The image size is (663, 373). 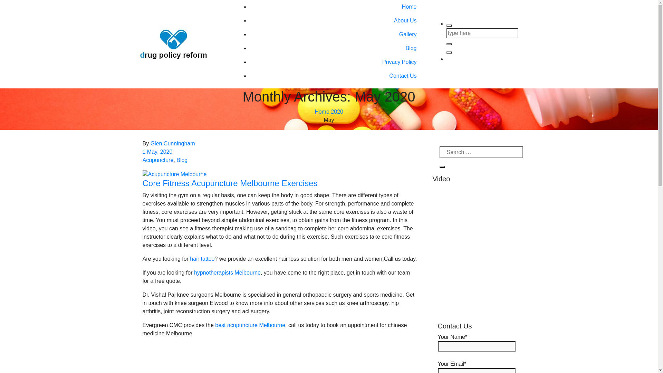 I want to click on 'best acupuncture Melbourne', so click(x=250, y=325).